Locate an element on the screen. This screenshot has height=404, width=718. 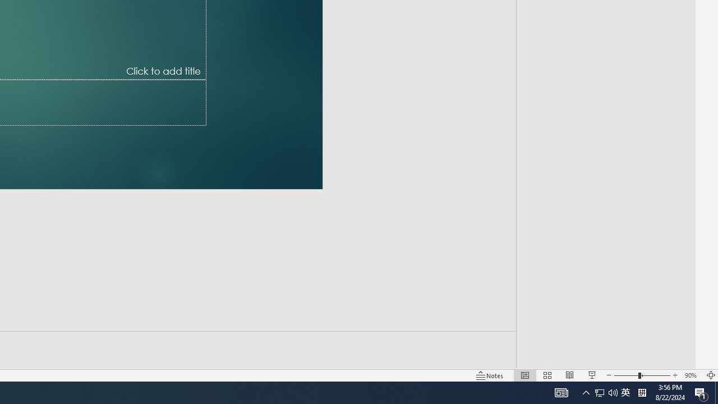
'Zoom 90%' is located at coordinates (692, 375).